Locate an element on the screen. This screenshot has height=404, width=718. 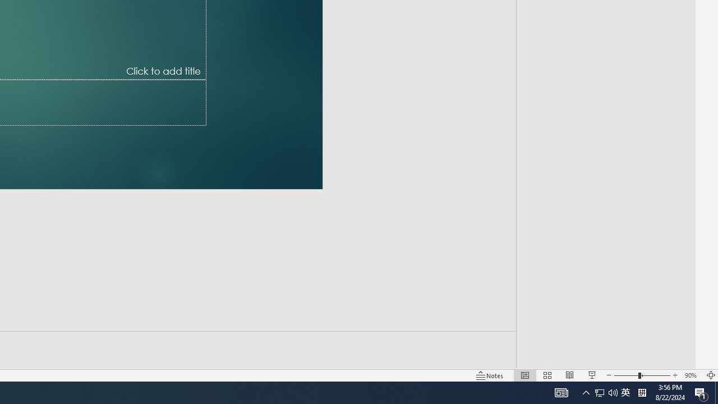
'Zoom 90%' is located at coordinates (692, 375).